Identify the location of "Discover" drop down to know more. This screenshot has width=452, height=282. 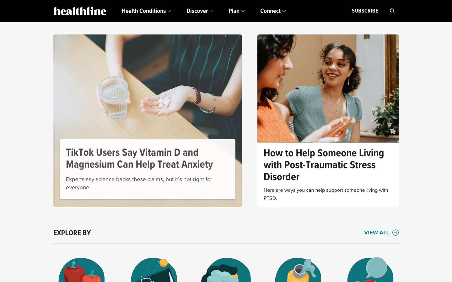
(199, 11).